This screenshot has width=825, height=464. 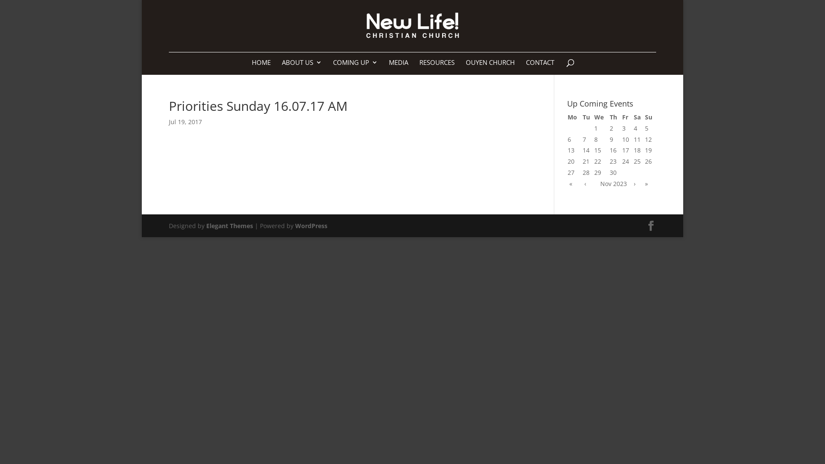 I want to click on 'ABOUT US', so click(x=302, y=66).